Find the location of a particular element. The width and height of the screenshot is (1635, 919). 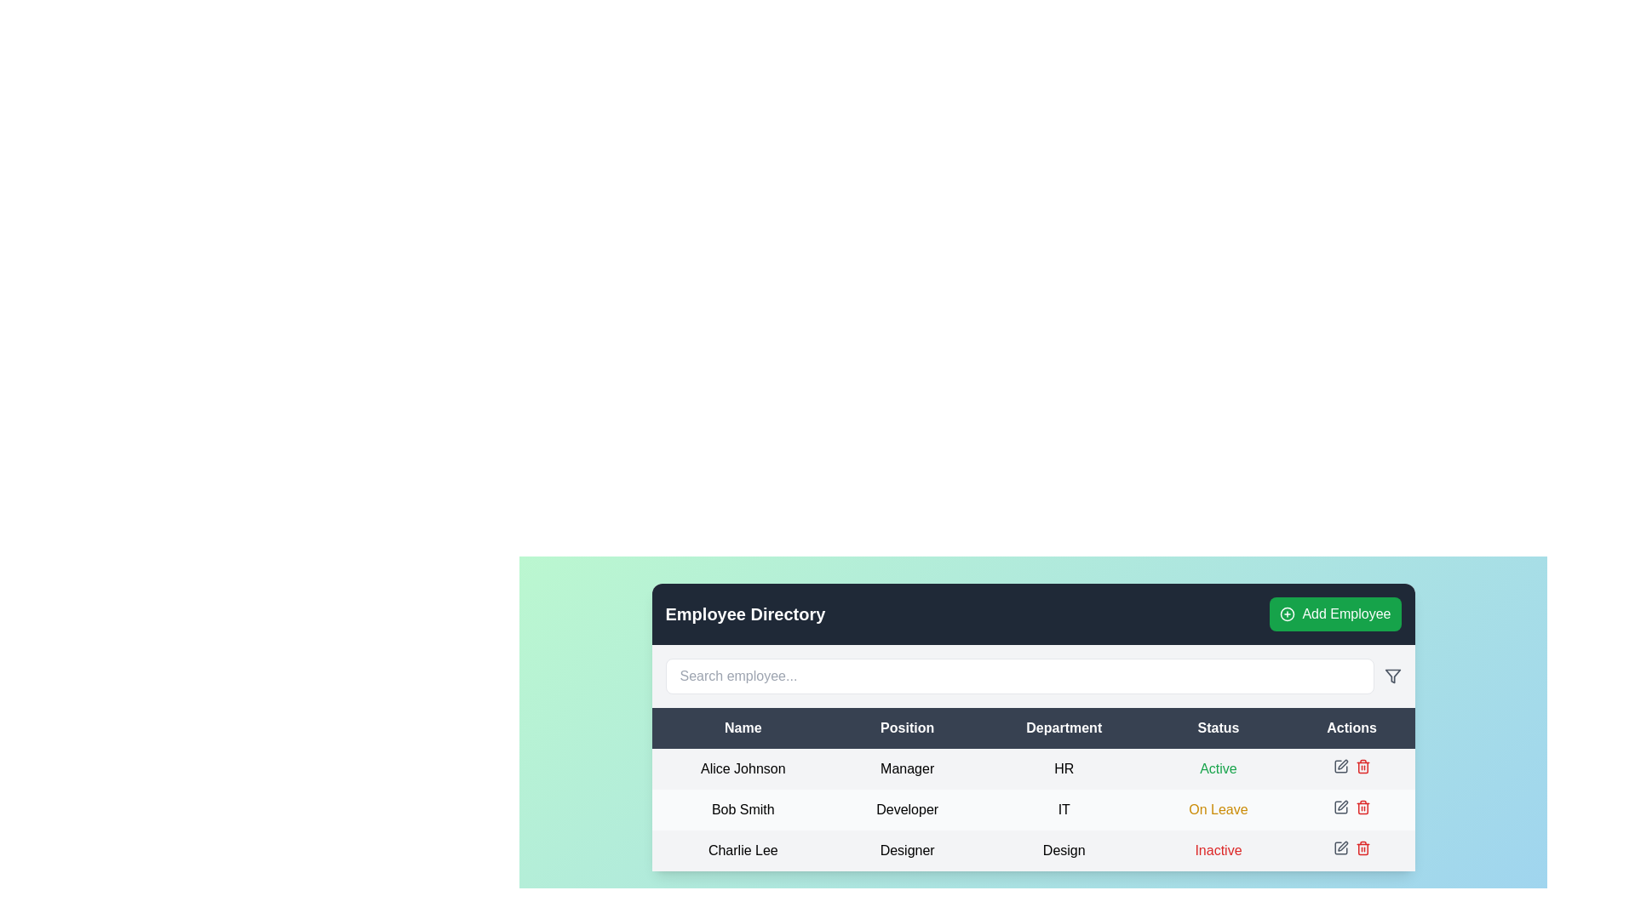

the text label displaying 'HR' located in the 'Department' column of the table for 'Alice Johnson' is located at coordinates (1063, 768).